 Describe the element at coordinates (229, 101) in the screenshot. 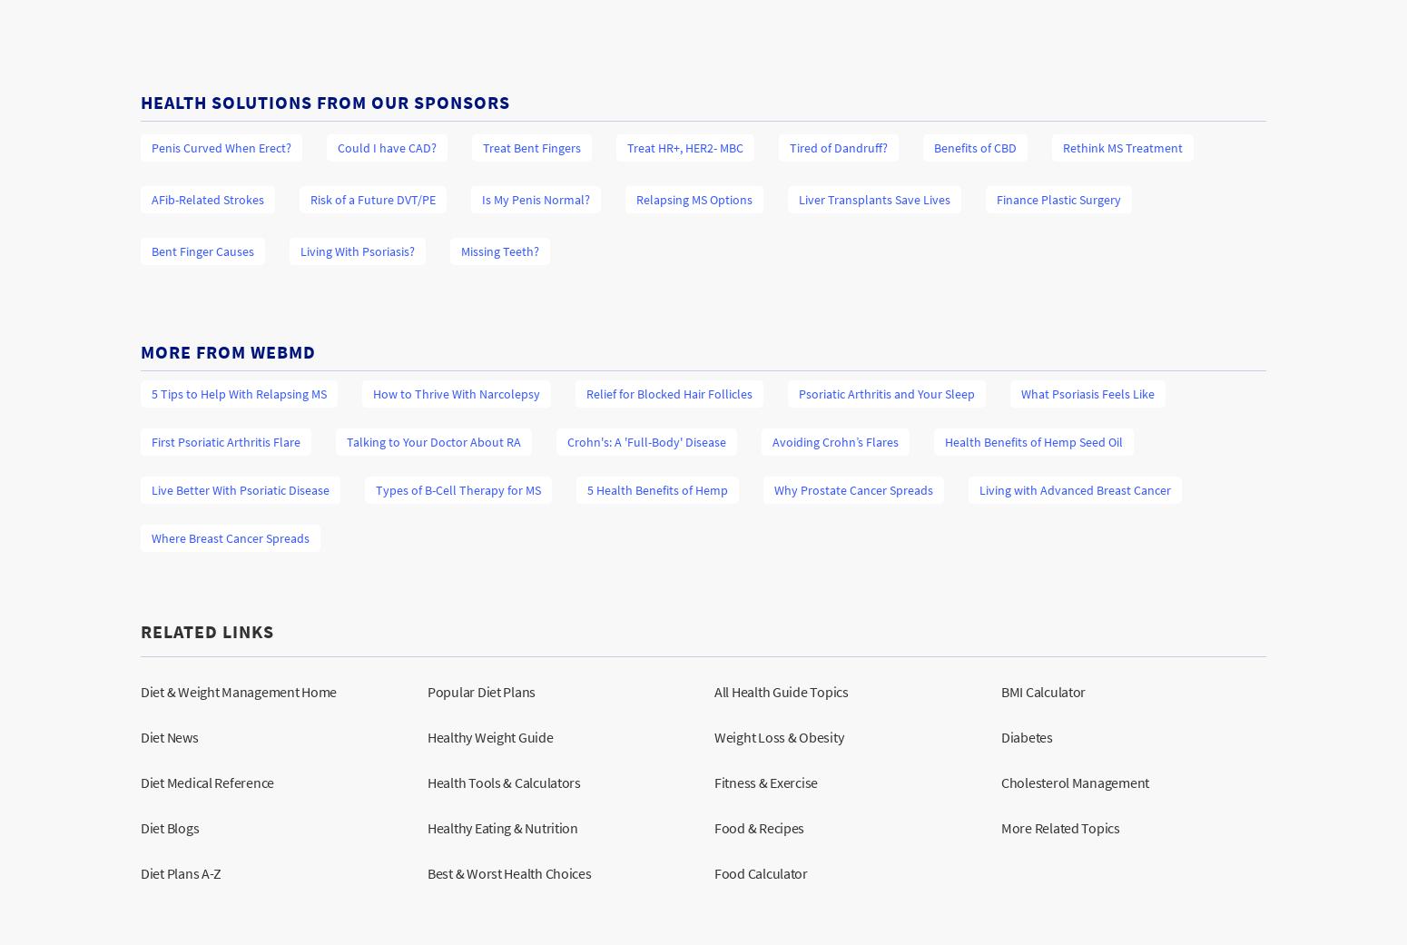

I see `'Health Solutions'` at that location.